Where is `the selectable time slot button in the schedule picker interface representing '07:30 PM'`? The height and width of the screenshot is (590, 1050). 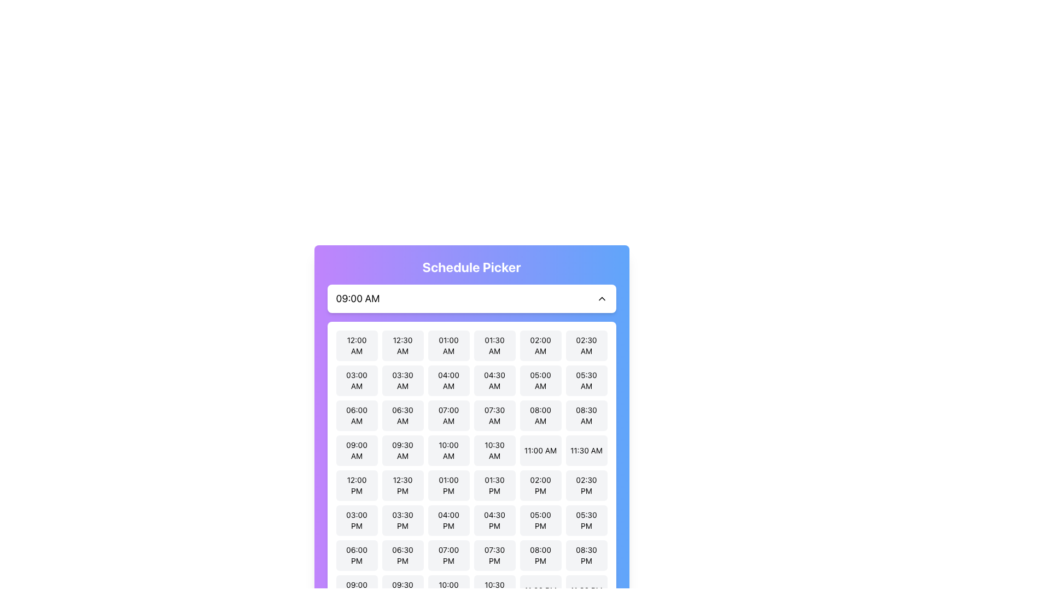 the selectable time slot button in the schedule picker interface representing '07:30 PM' is located at coordinates (494, 556).